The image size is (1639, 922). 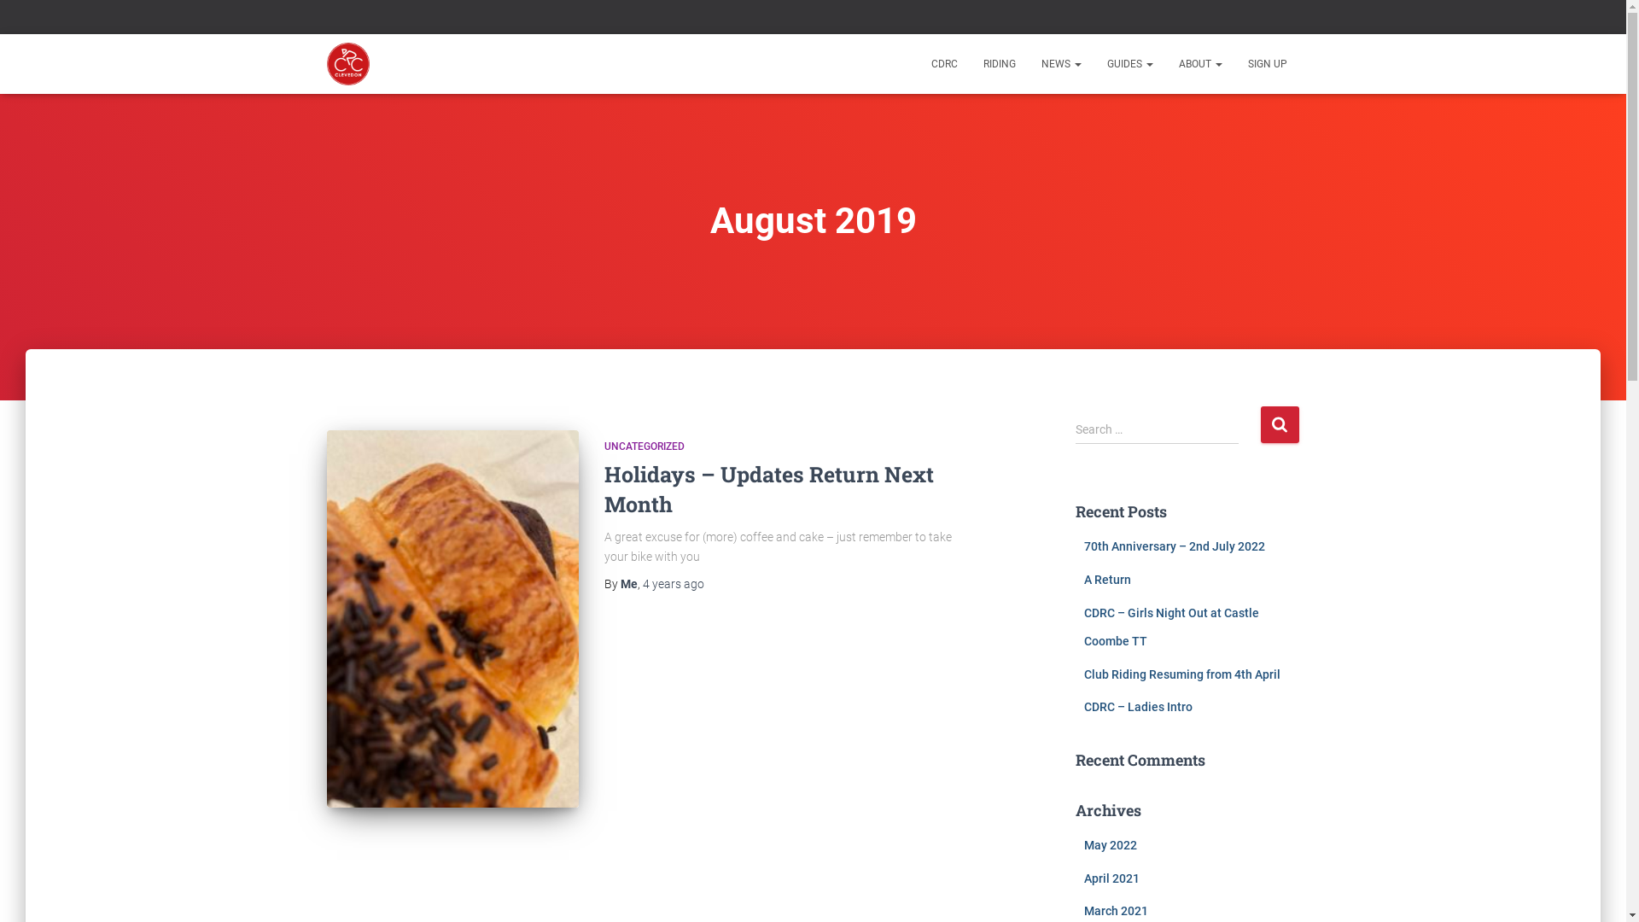 What do you see at coordinates (347, 62) in the screenshot?
I see `'CDRC'` at bounding box center [347, 62].